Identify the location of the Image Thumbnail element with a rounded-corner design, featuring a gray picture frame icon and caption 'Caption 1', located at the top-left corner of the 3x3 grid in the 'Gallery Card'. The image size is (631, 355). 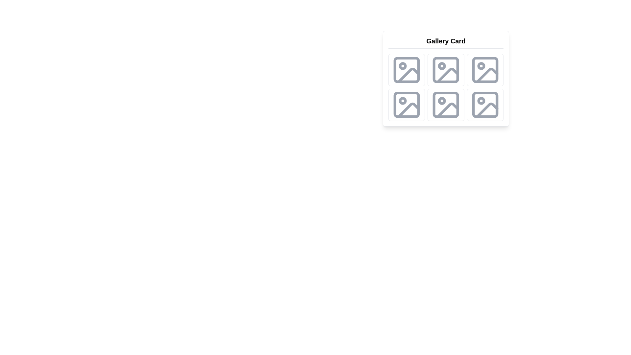
(406, 70).